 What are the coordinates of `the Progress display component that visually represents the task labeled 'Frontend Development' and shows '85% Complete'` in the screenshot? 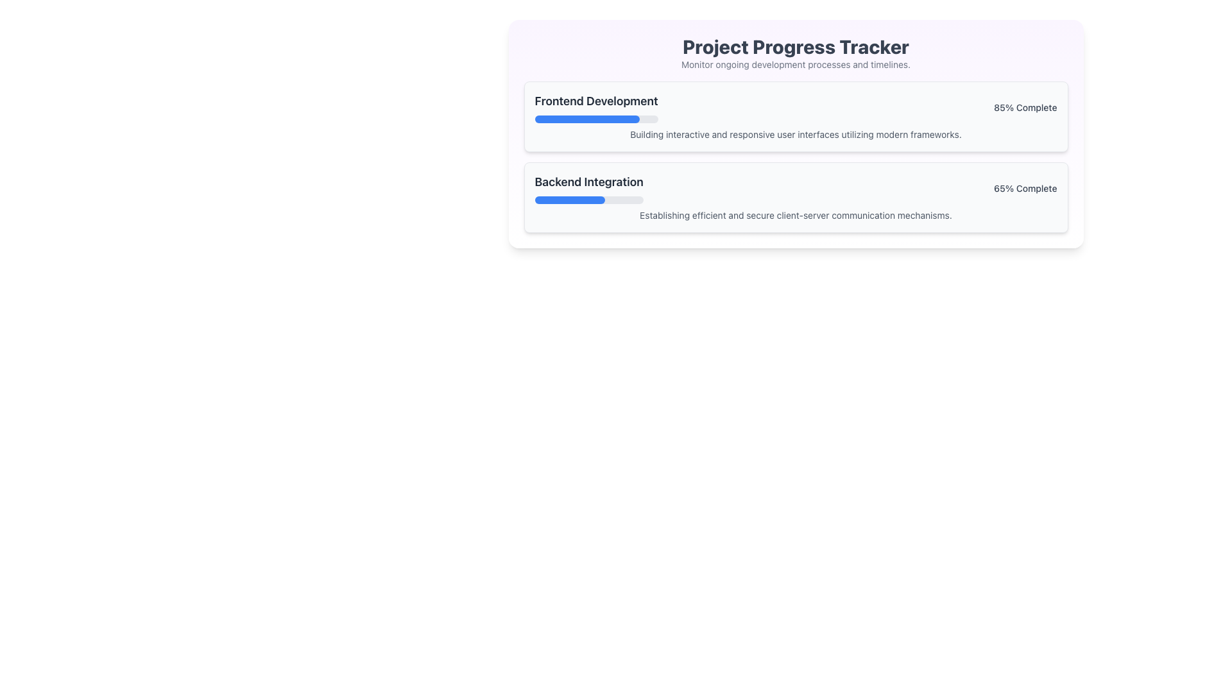 It's located at (795, 107).